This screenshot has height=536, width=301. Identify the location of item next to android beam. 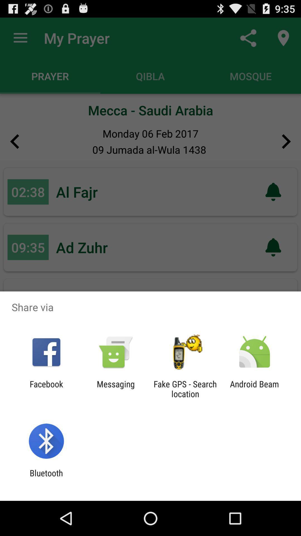
(185, 389).